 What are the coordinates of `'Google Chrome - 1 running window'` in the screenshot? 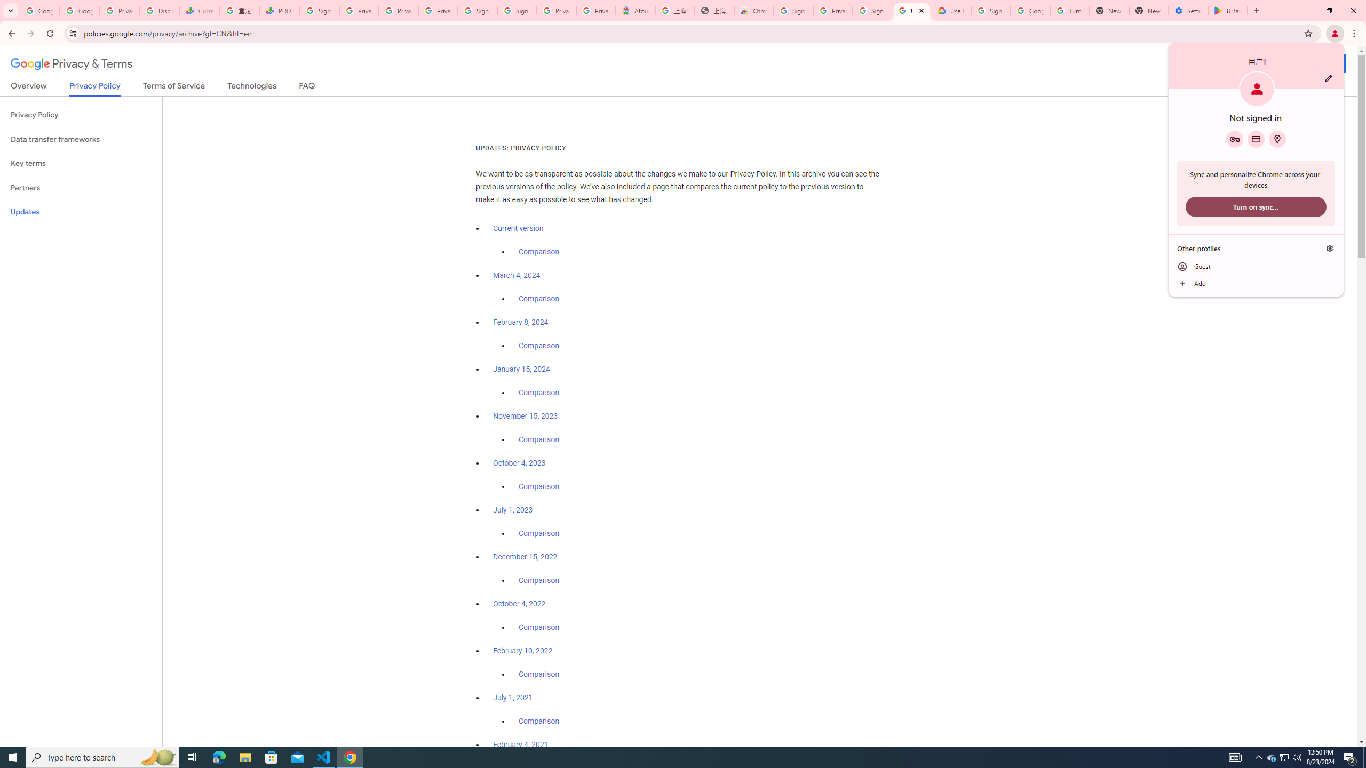 It's located at (350, 756).